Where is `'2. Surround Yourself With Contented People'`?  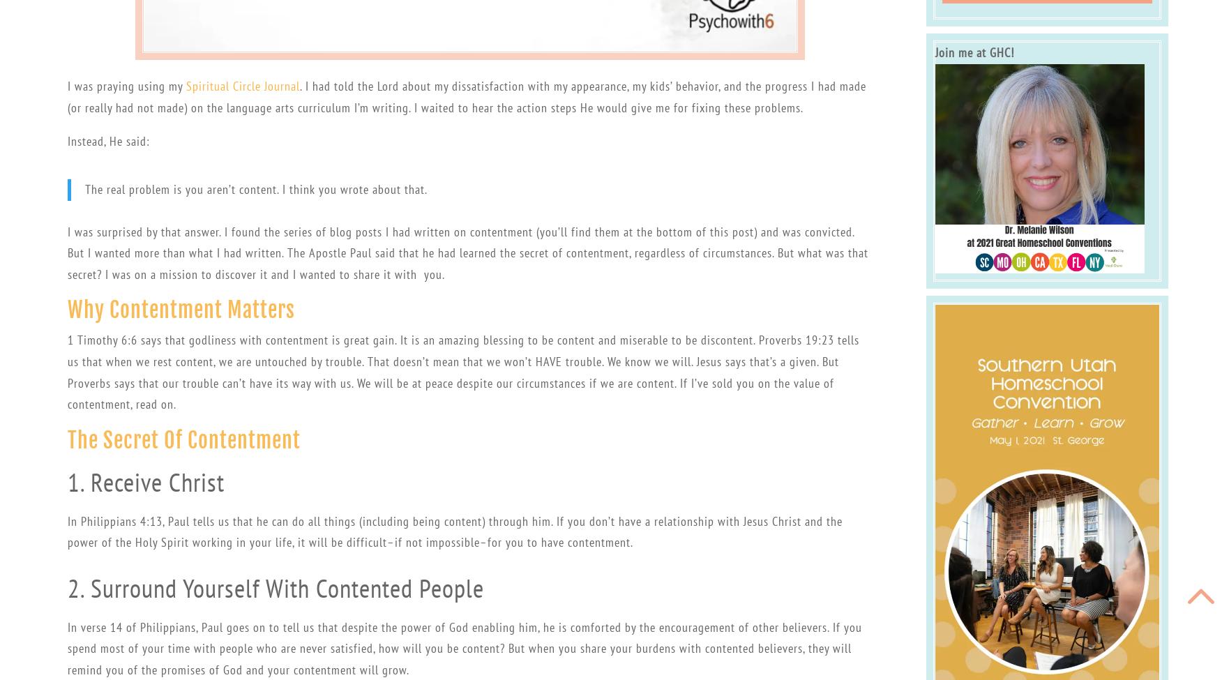
'2. Surround Yourself With Contented People' is located at coordinates (67, 587).